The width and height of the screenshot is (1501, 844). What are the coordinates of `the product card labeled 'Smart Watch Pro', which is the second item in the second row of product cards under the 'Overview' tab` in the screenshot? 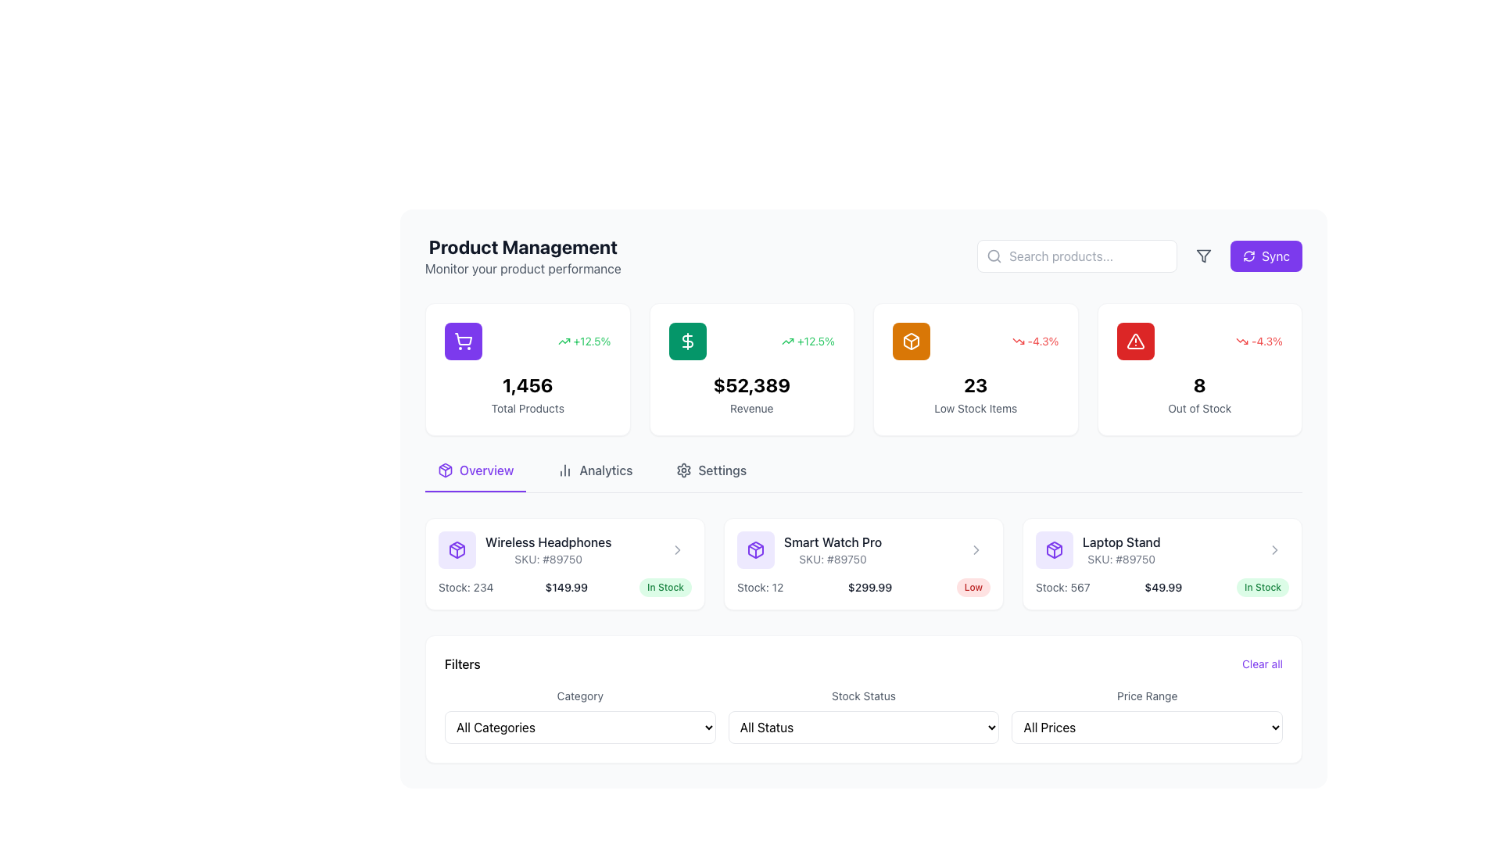 It's located at (809, 549).